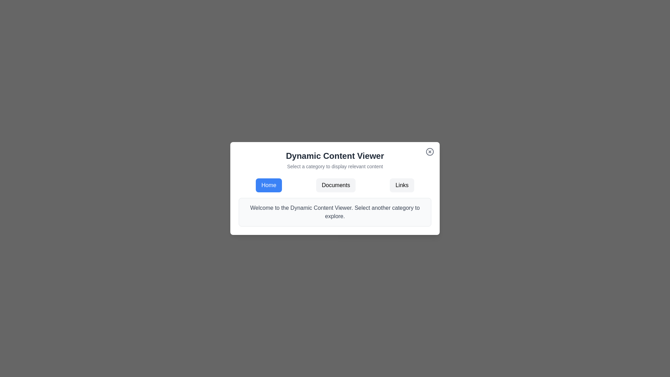 The width and height of the screenshot is (670, 377). Describe the element at coordinates (335, 188) in the screenshot. I see `the 'Documents' button, which is the second button in a horizontal set of three buttons ('Home', 'Documents', 'Links') located at the upper section of the modal window, to change its background color` at that location.